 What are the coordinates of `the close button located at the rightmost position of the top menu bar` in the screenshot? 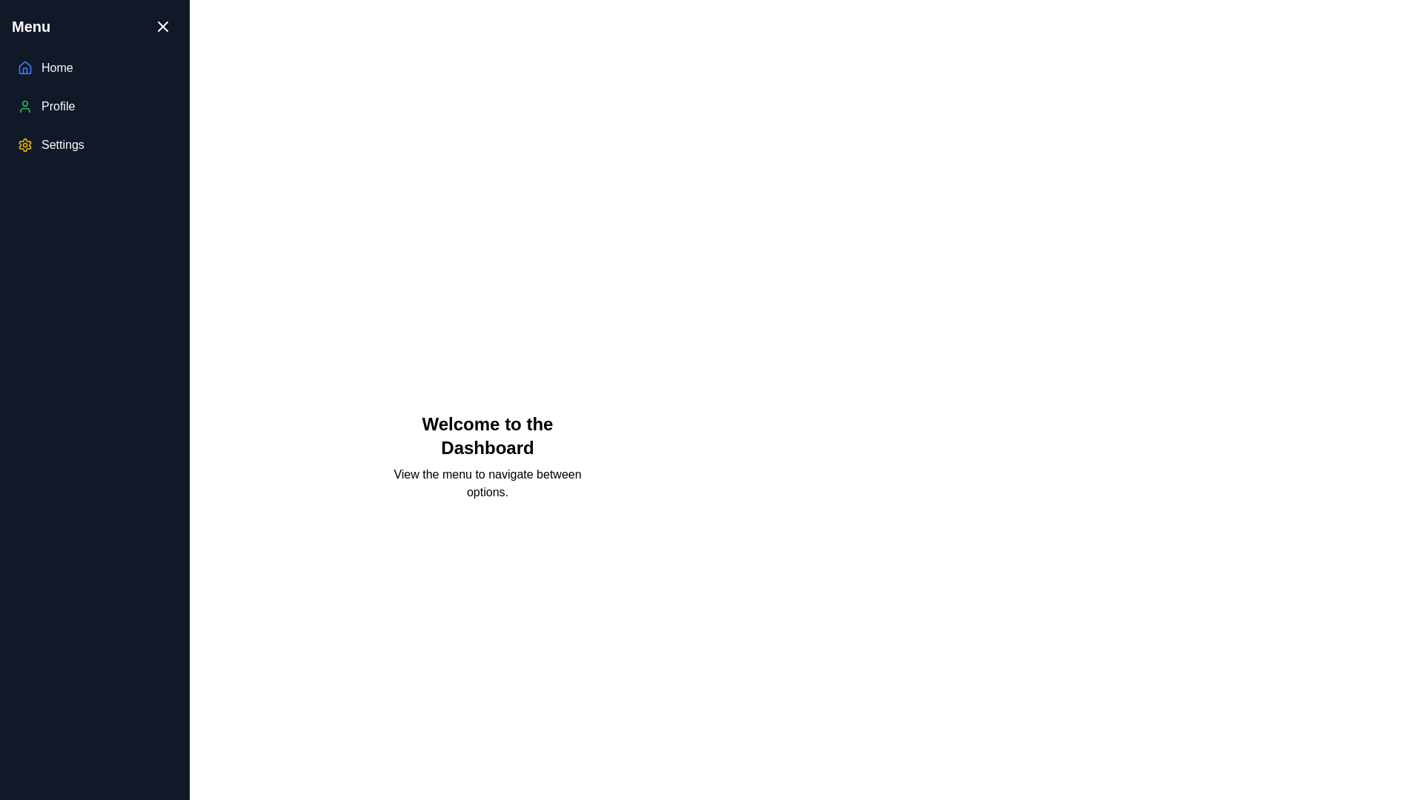 It's located at (163, 26).